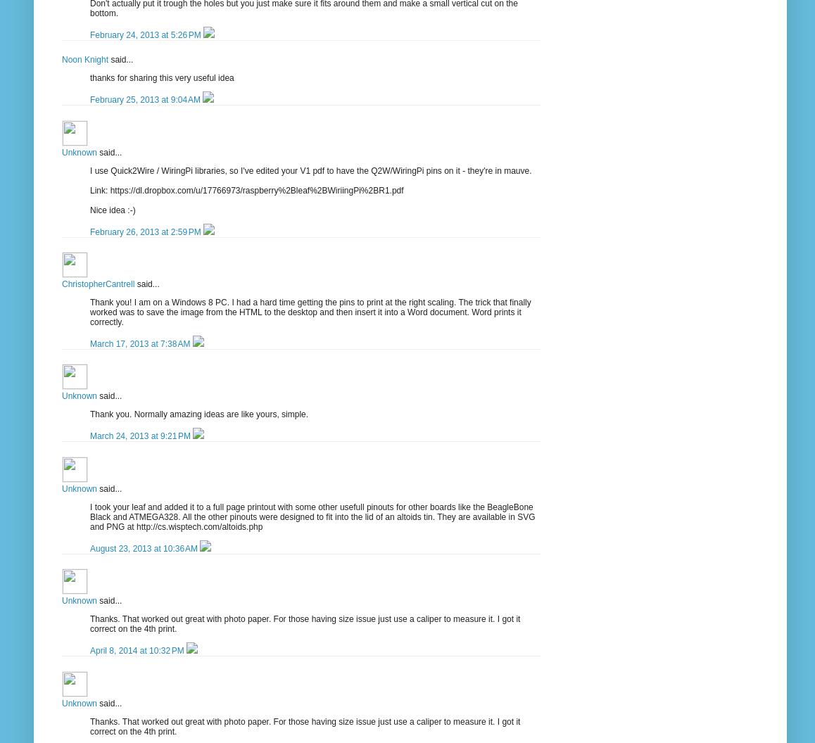 The image size is (815, 743). Describe the element at coordinates (97, 283) in the screenshot. I see `'ChristopherCantrell'` at that location.